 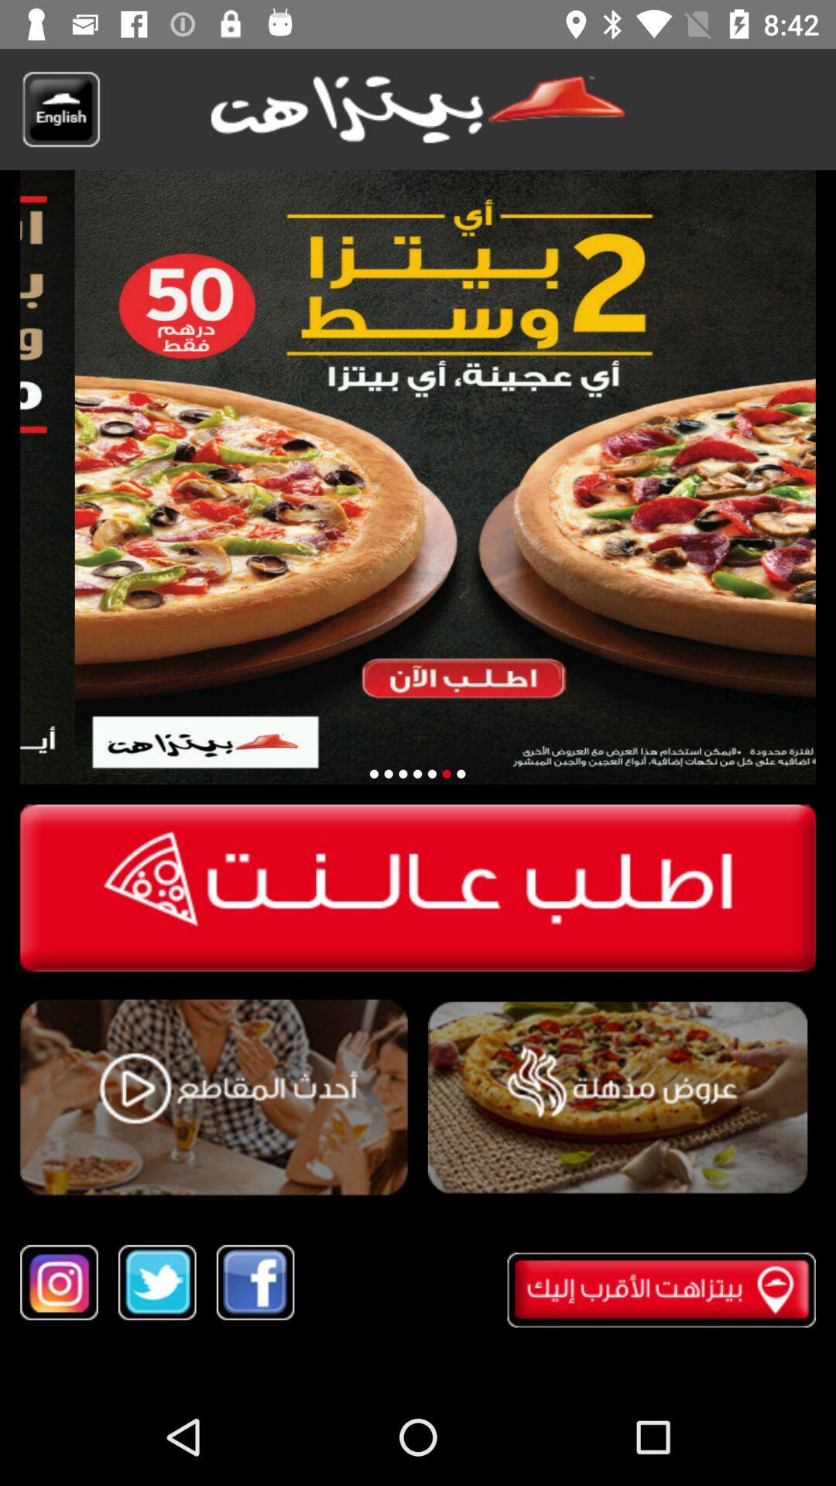 What do you see at coordinates (255, 1282) in the screenshot?
I see `the facebook icon` at bounding box center [255, 1282].